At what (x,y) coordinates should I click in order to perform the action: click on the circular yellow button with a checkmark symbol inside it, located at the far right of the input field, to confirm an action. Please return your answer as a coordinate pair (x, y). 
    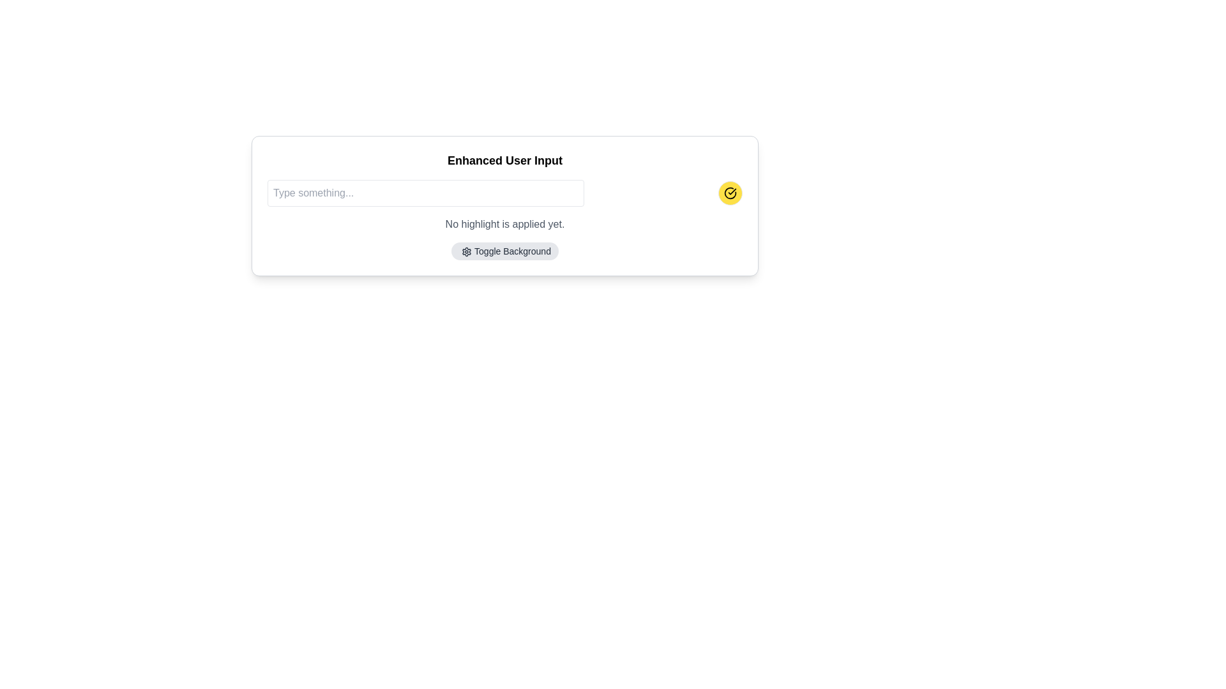
    Looking at the image, I should click on (730, 193).